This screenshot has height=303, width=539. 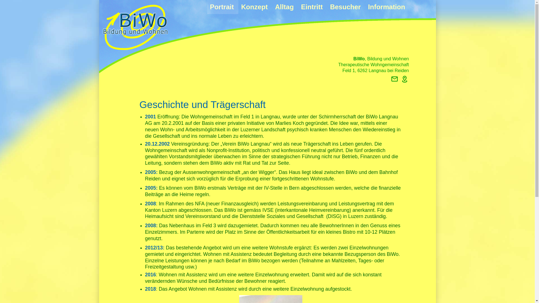 What do you see at coordinates (285, 7) in the screenshot?
I see `'Alltag'` at bounding box center [285, 7].